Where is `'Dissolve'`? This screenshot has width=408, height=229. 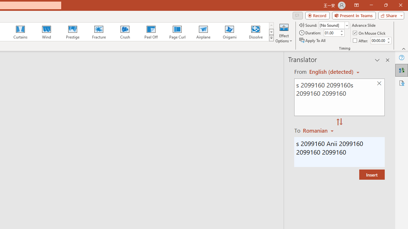 'Dissolve' is located at coordinates (256, 32).